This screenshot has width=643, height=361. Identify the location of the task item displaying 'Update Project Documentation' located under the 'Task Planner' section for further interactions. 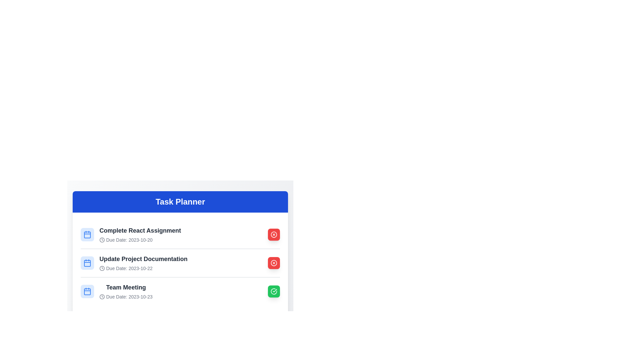
(134, 262).